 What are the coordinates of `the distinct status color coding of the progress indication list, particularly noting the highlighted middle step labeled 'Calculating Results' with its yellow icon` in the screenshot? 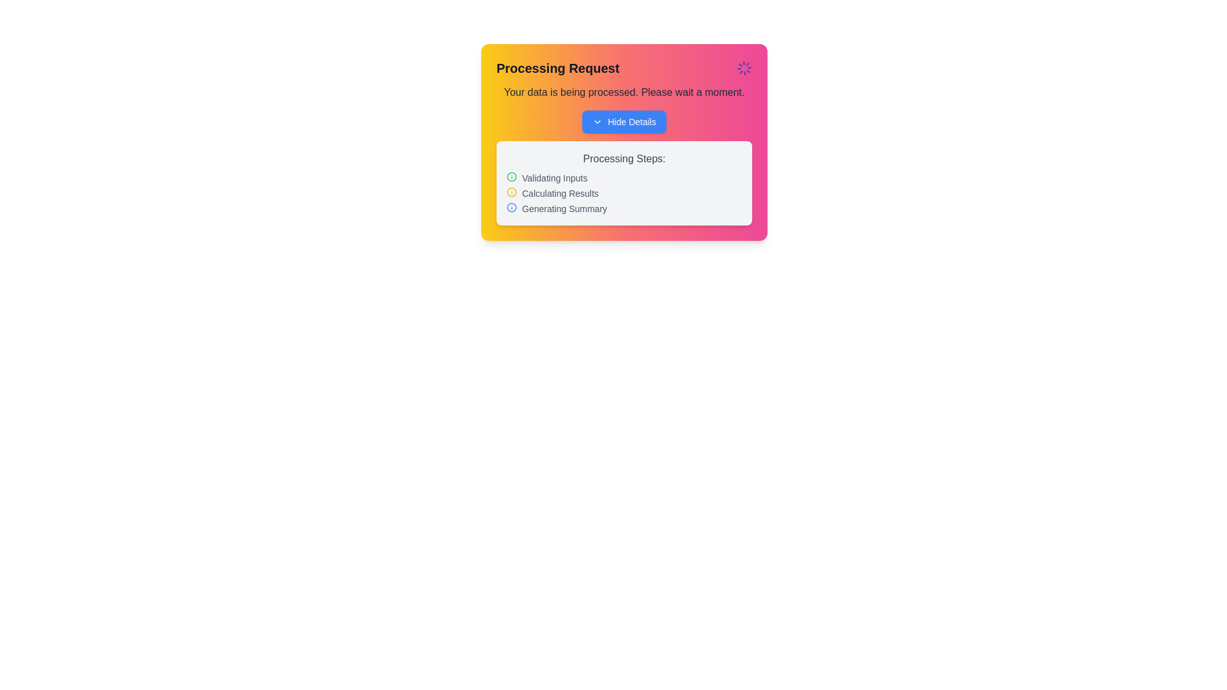 It's located at (624, 194).